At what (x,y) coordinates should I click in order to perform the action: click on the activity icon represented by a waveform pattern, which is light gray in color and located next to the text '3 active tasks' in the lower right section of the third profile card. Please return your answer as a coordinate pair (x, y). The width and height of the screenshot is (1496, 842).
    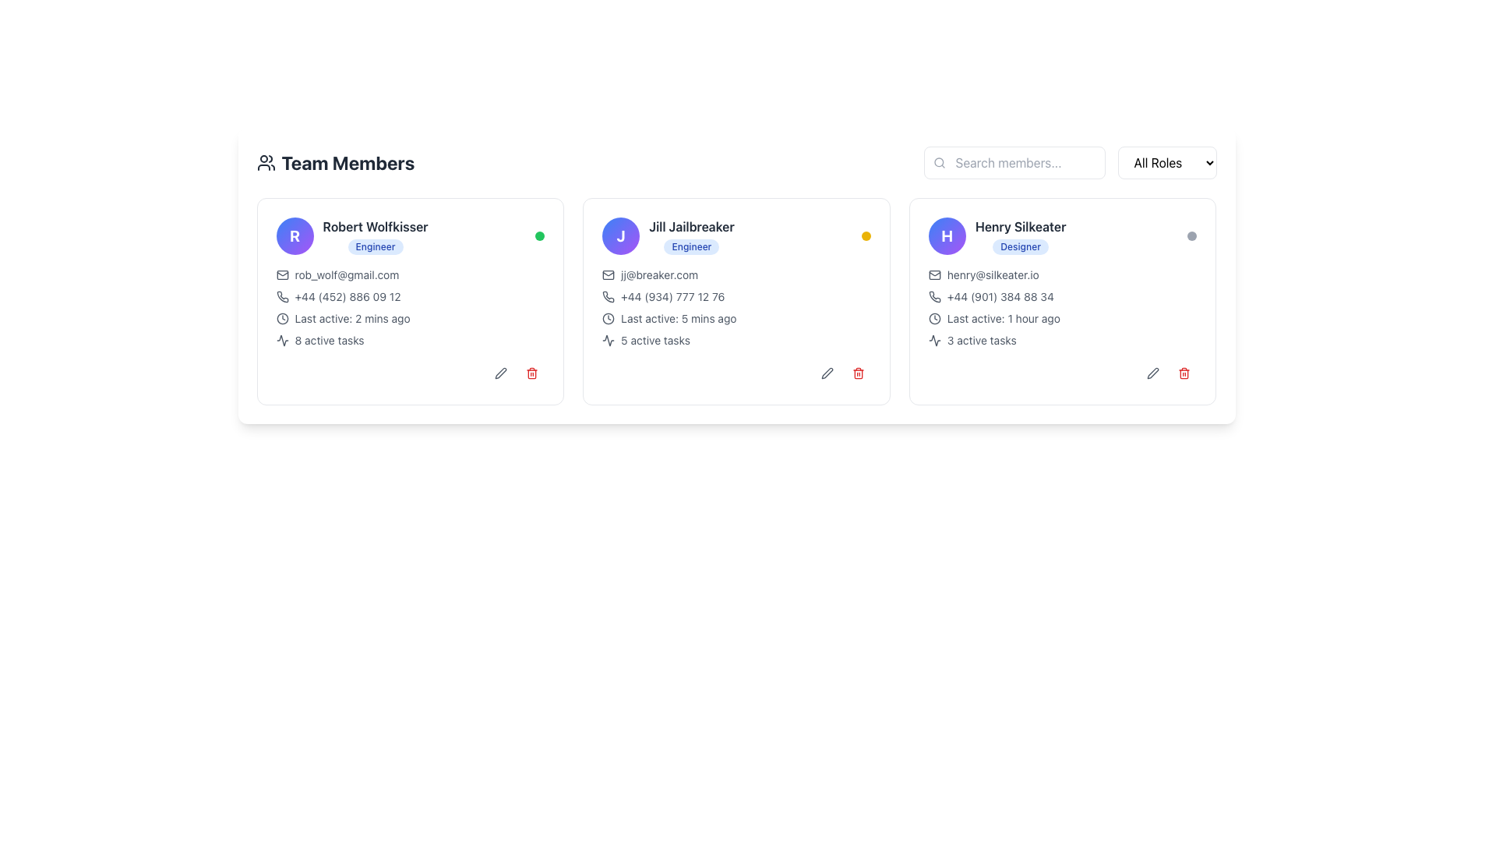
    Looking at the image, I should click on (934, 339).